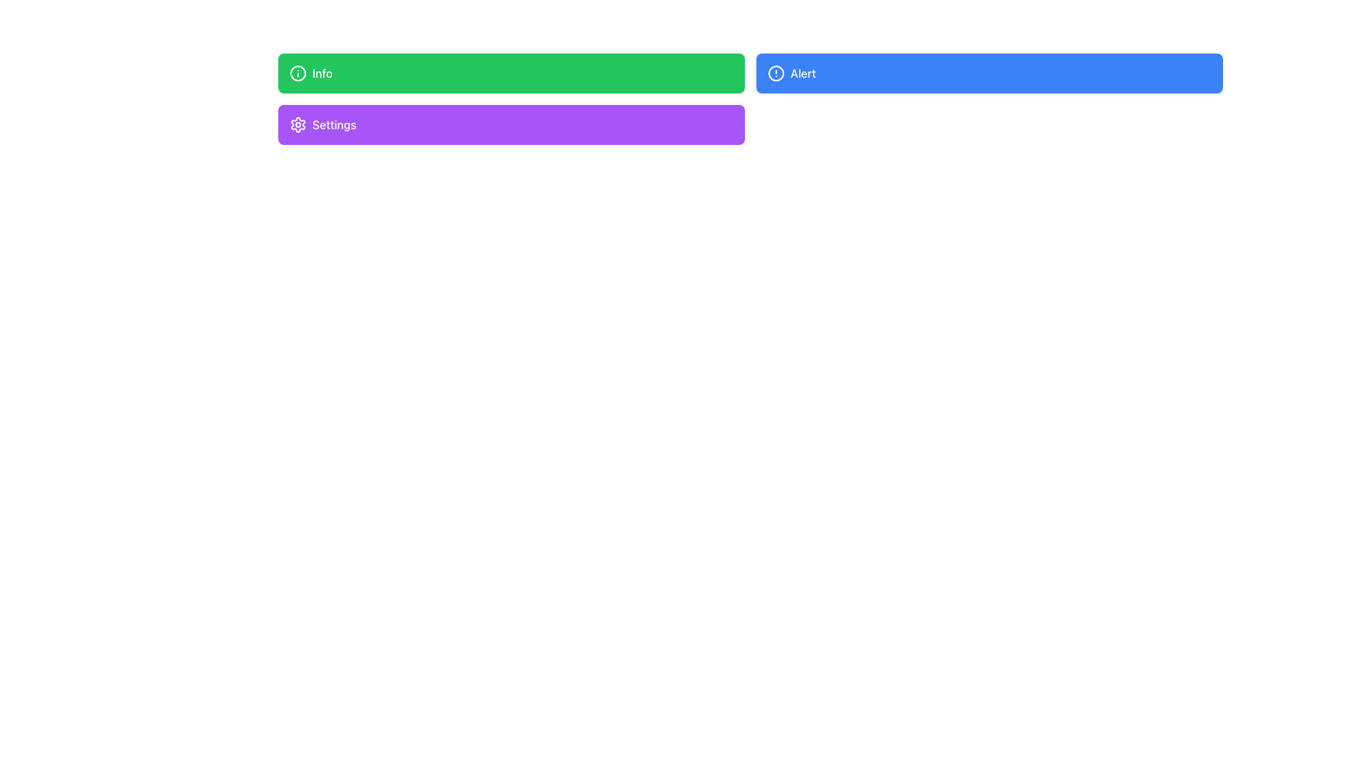 The height and width of the screenshot is (771, 1370). Describe the element at coordinates (297, 124) in the screenshot. I see `the settings button, which is a purple rectangular button labeled 'Settings' located at the bottom of a group of three horizontal buttons` at that location.